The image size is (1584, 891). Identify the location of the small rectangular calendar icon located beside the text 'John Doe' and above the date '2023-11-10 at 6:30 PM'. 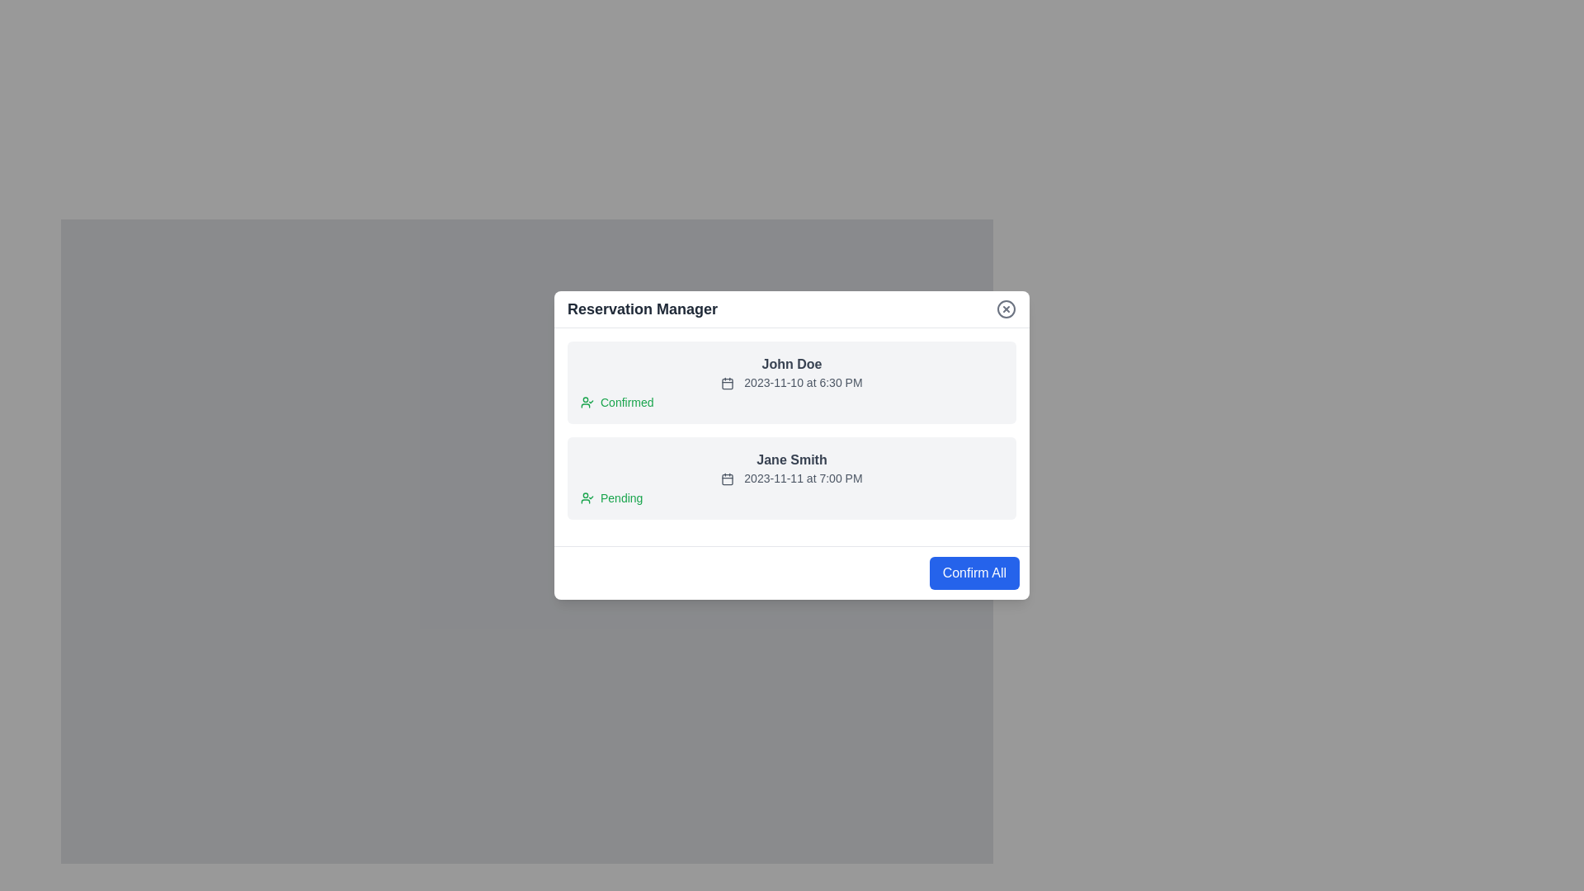
(727, 384).